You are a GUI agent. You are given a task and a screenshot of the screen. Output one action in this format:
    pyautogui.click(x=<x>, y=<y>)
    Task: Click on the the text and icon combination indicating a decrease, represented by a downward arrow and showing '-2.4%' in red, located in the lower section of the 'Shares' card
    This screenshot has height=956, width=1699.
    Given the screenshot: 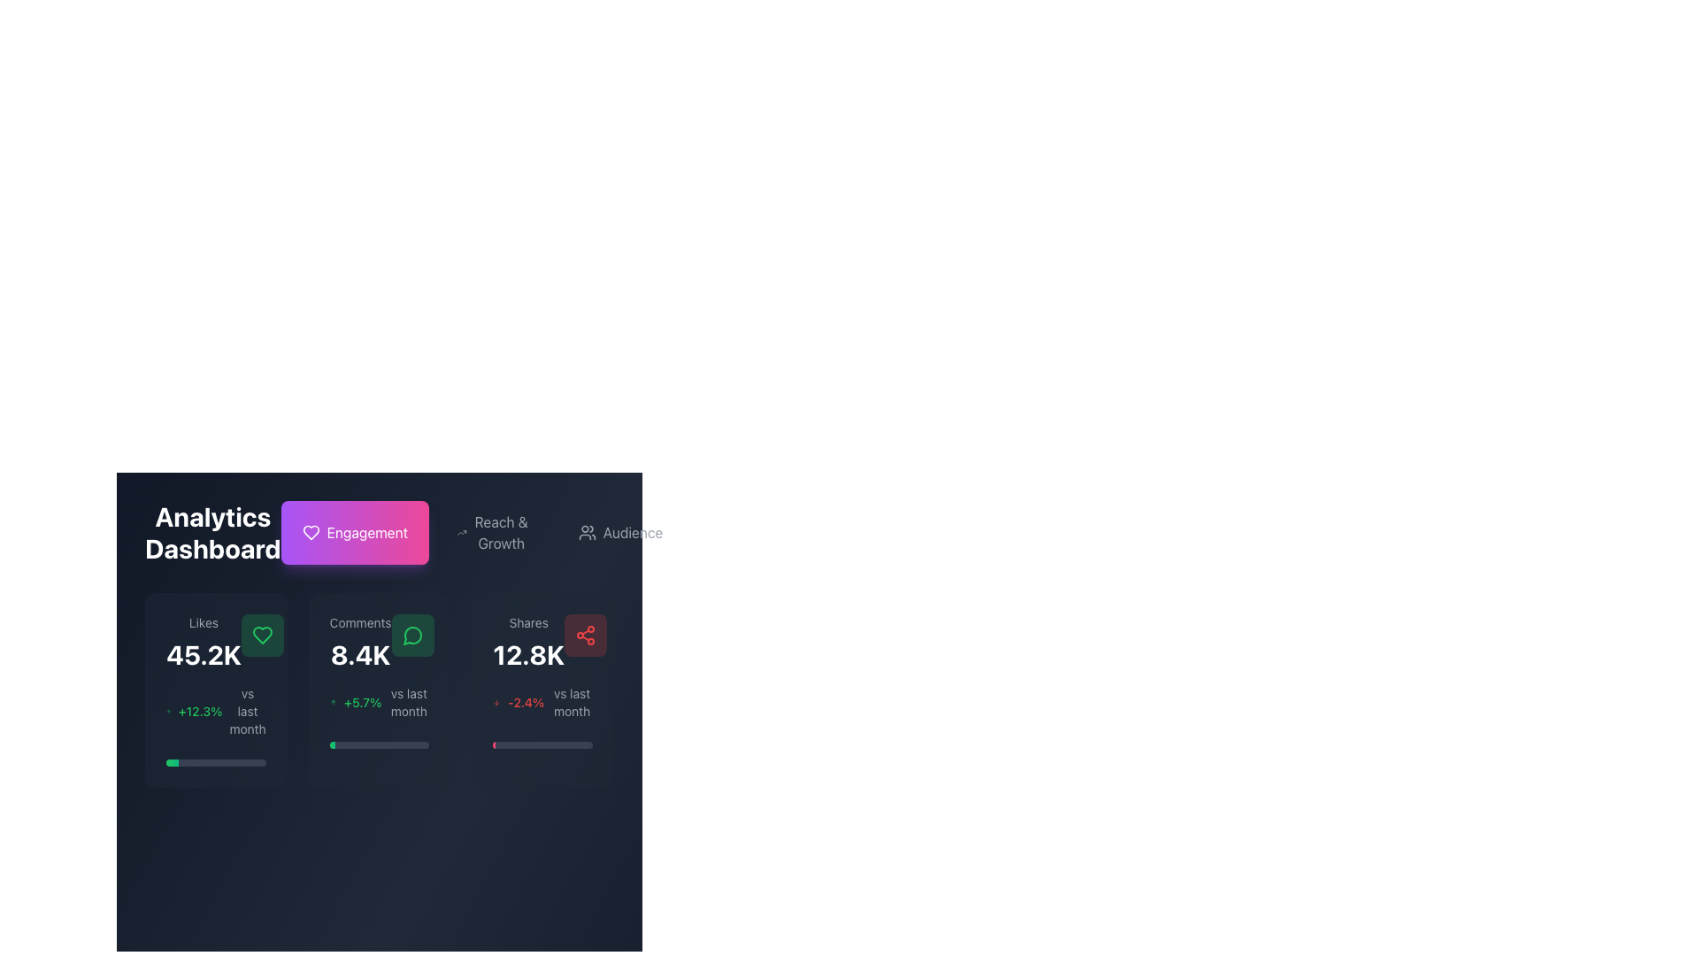 What is the action you would take?
    pyautogui.click(x=542, y=702)
    